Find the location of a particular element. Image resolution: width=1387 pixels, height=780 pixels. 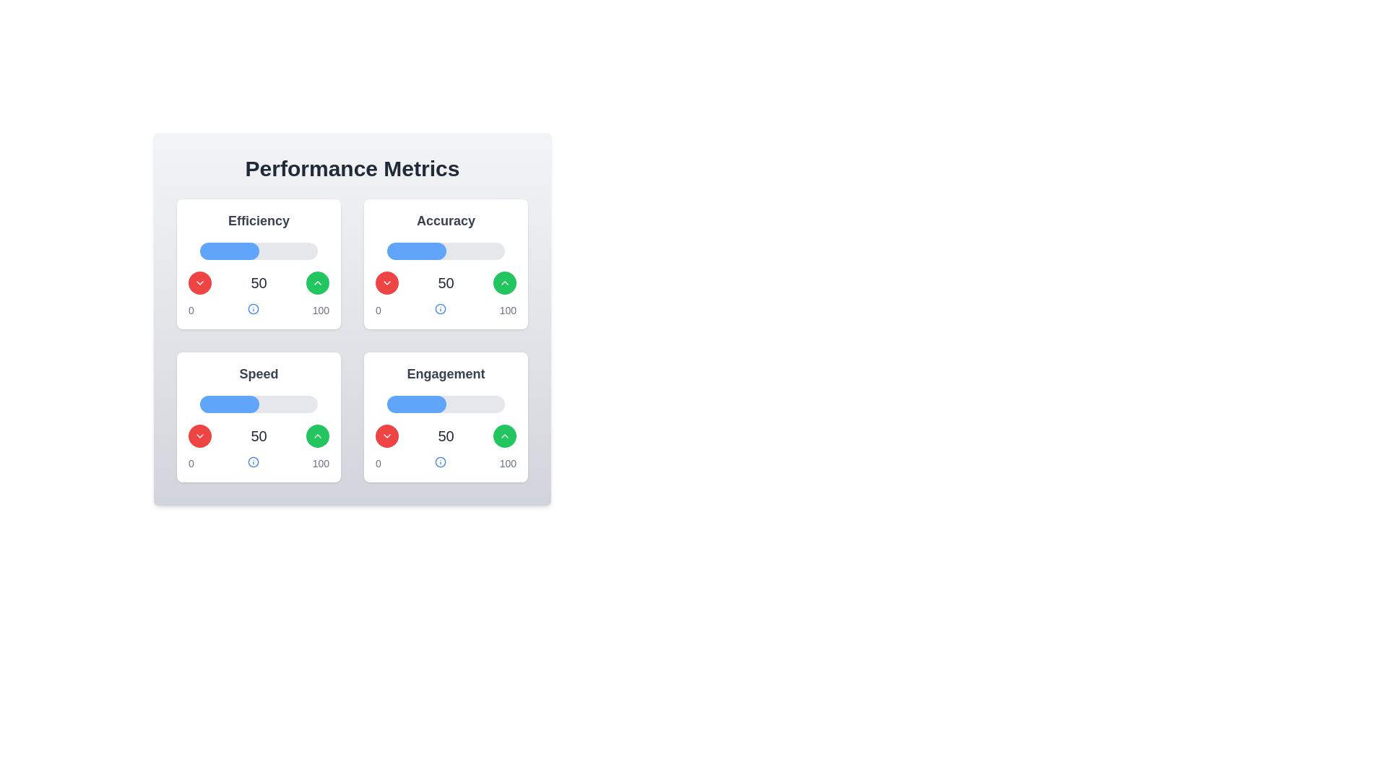

the progress bar or slider is located at coordinates (281, 404).